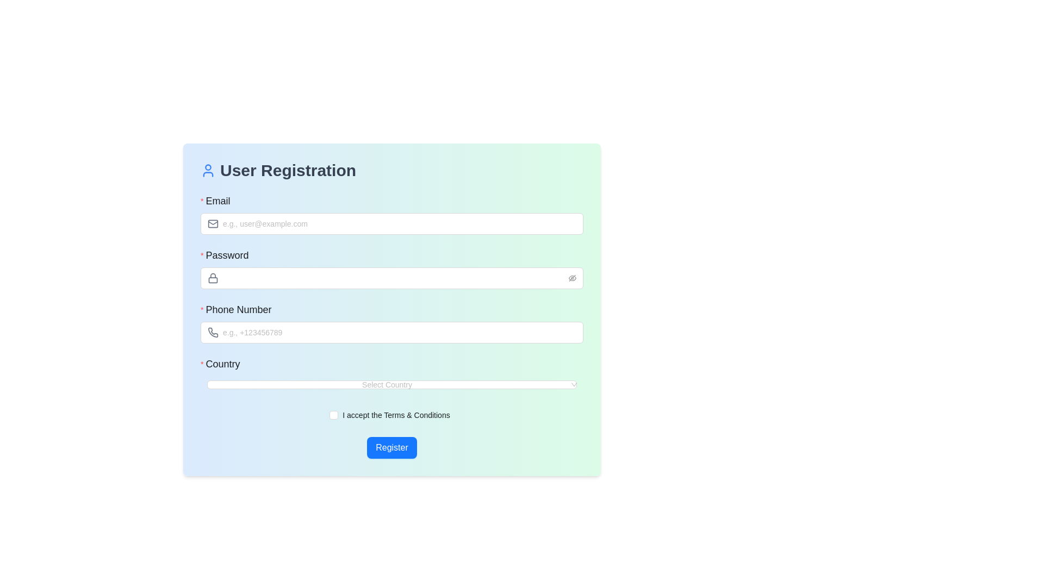  I want to click on the lower section of the user profile SVG icon, which is a blue-bordered outline located in the top-left corner of the registration card above the 'User Registration' heading, so click(208, 173).